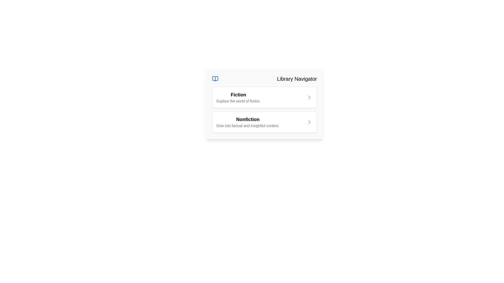 The width and height of the screenshot is (504, 283). What do you see at coordinates (264, 97) in the screenshot?
I see `the first Card-style option selector titled 'Fiction' in the 'Library Navigator' panel` at bounding box center [264, 97].